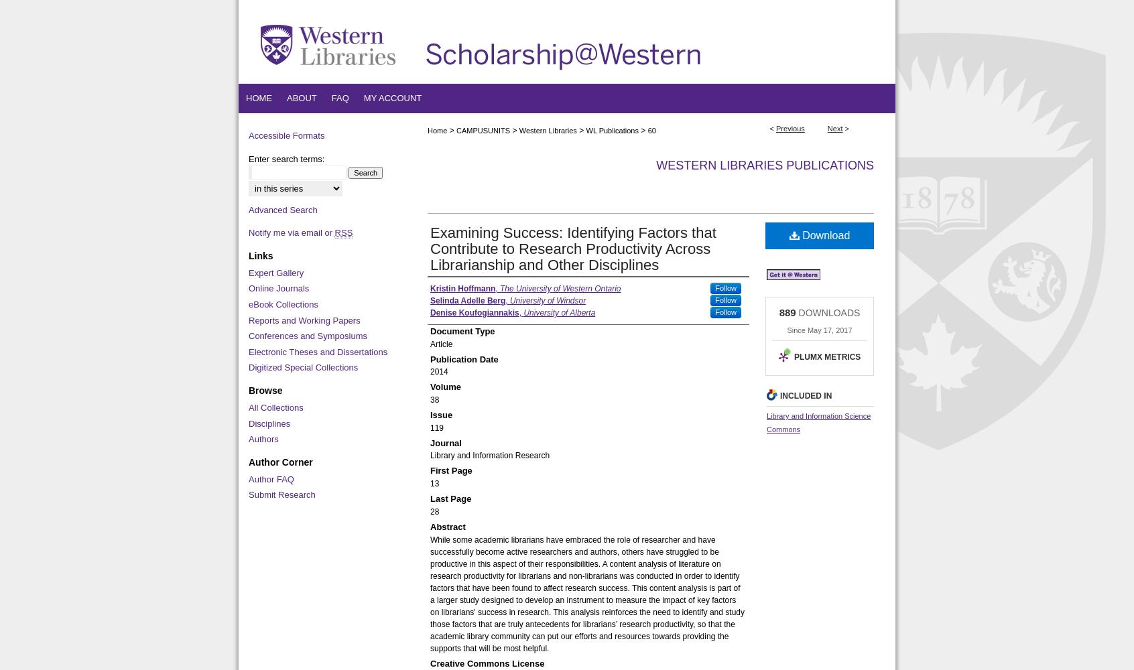 The width and height of the screenshot is (1134, 670). I want to click on 'Since May 17, 2017', so click(786, 330).